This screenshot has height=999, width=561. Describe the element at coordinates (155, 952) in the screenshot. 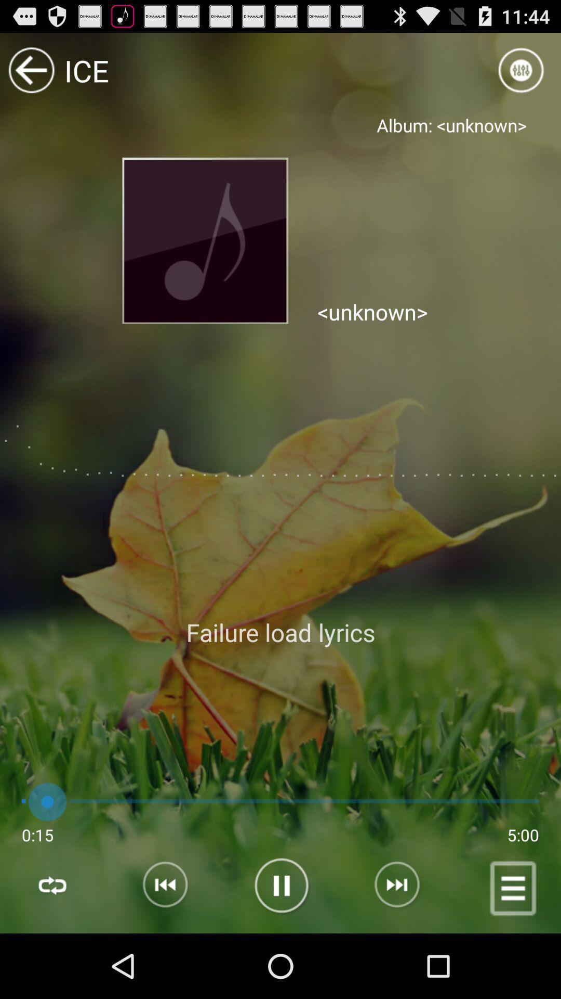

I see `the skip_previous icon` at that location.